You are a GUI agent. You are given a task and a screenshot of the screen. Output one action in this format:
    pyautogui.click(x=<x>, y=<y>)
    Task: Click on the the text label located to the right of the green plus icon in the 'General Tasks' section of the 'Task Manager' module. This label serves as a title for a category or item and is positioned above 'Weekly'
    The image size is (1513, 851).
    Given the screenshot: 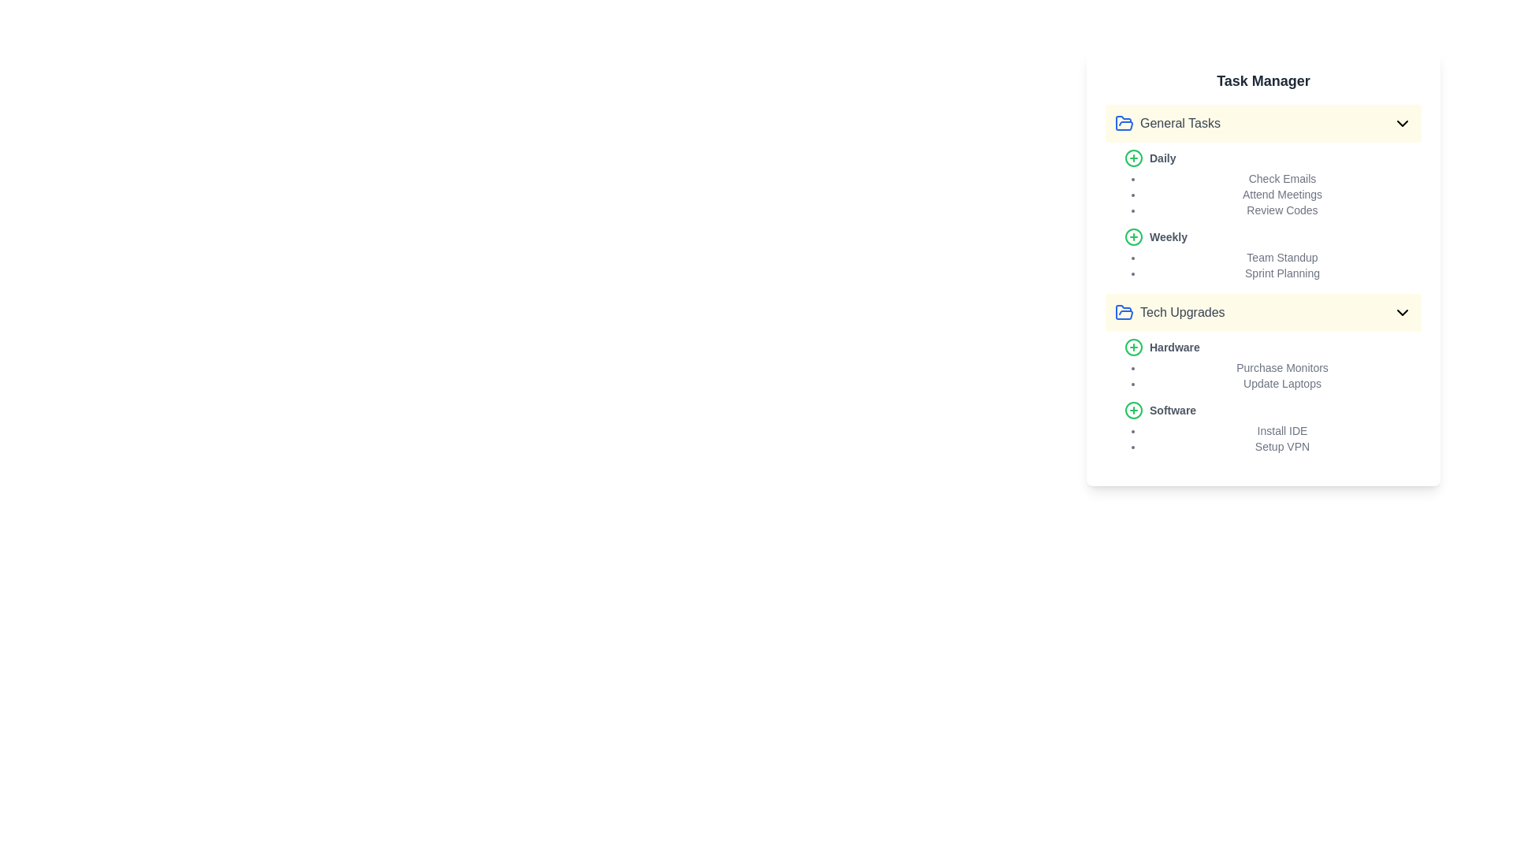 What is the action you would take?
    pyautogui.click(x=1162, y=158)
    